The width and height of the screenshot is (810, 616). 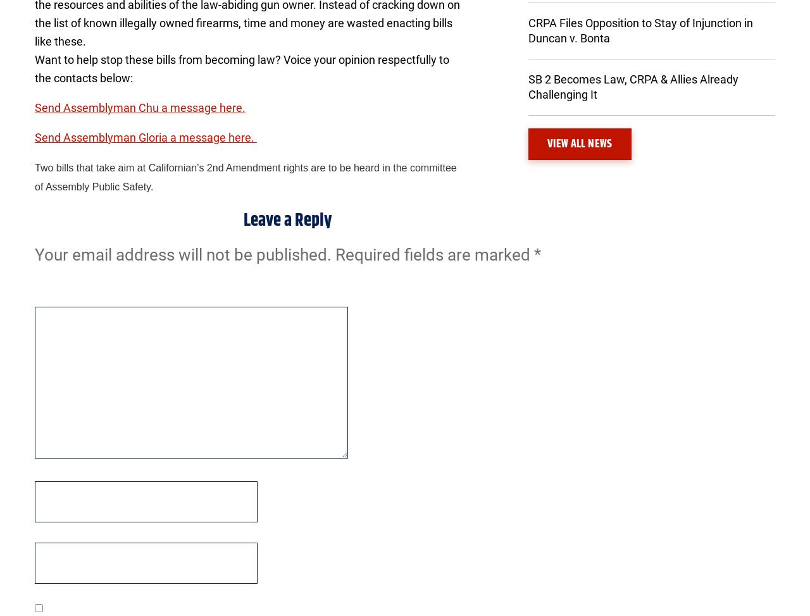 I want to click on 'Two bills that take aim at Californian’s 2nd Amendment rights are to be heard in the committee of Assembly Public Safety.', so click(x=245, y=176).